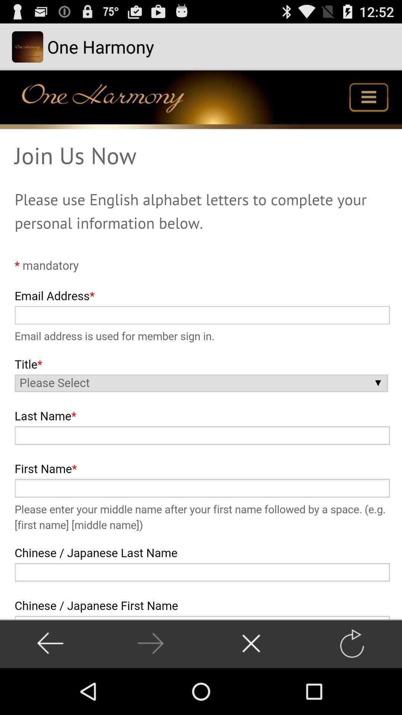 This screenshot has height=715, width=402. Describe the element at coordinates (352, 643) in the screenshot. I see `refresh` at that location.